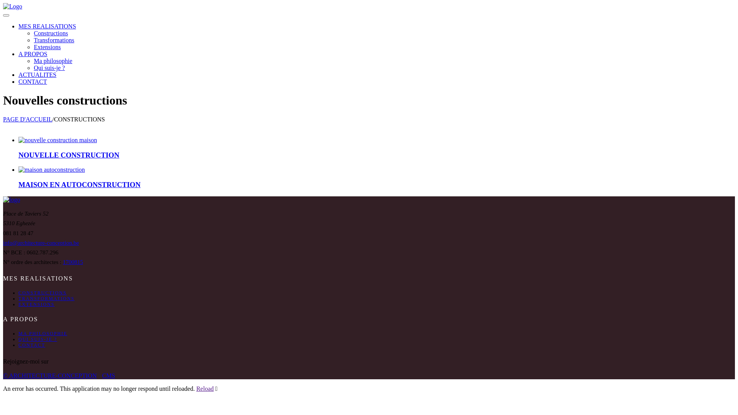 The height and width of the screenshot is (415, 738). Describe the element at coordinates (28, 119) in the screenshot. I see `'PAGE D'ACCUEIL'` at that location.